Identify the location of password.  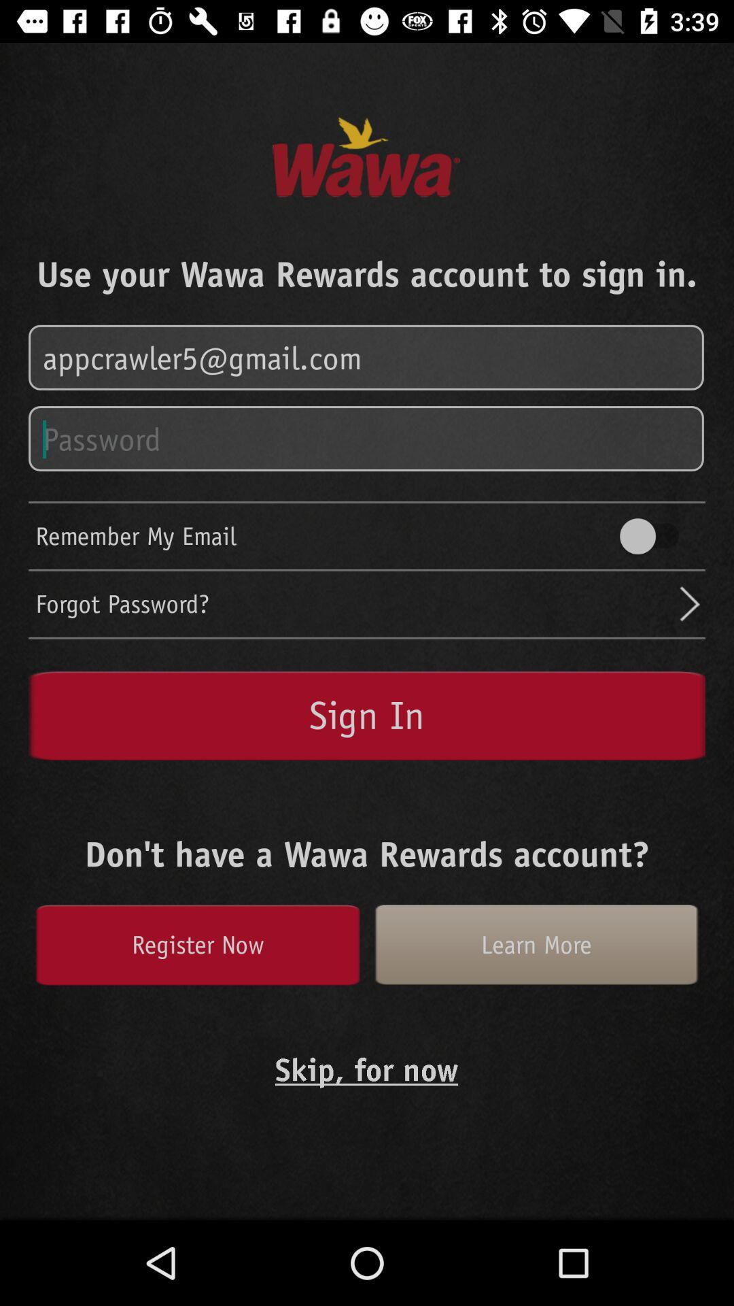
(367, 439).